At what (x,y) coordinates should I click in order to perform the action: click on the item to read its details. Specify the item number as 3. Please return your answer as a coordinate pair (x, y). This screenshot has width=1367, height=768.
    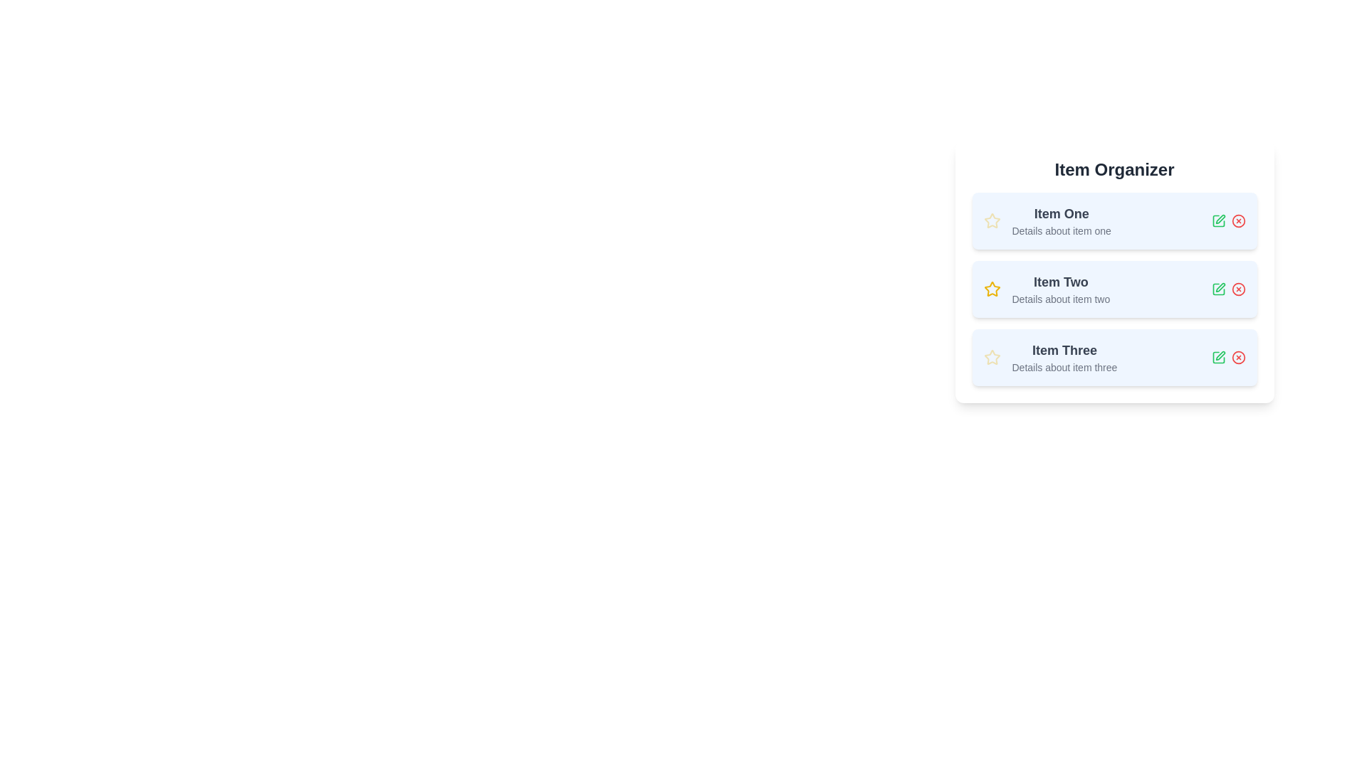
    Looking at the image, I should click on (1114, 356).